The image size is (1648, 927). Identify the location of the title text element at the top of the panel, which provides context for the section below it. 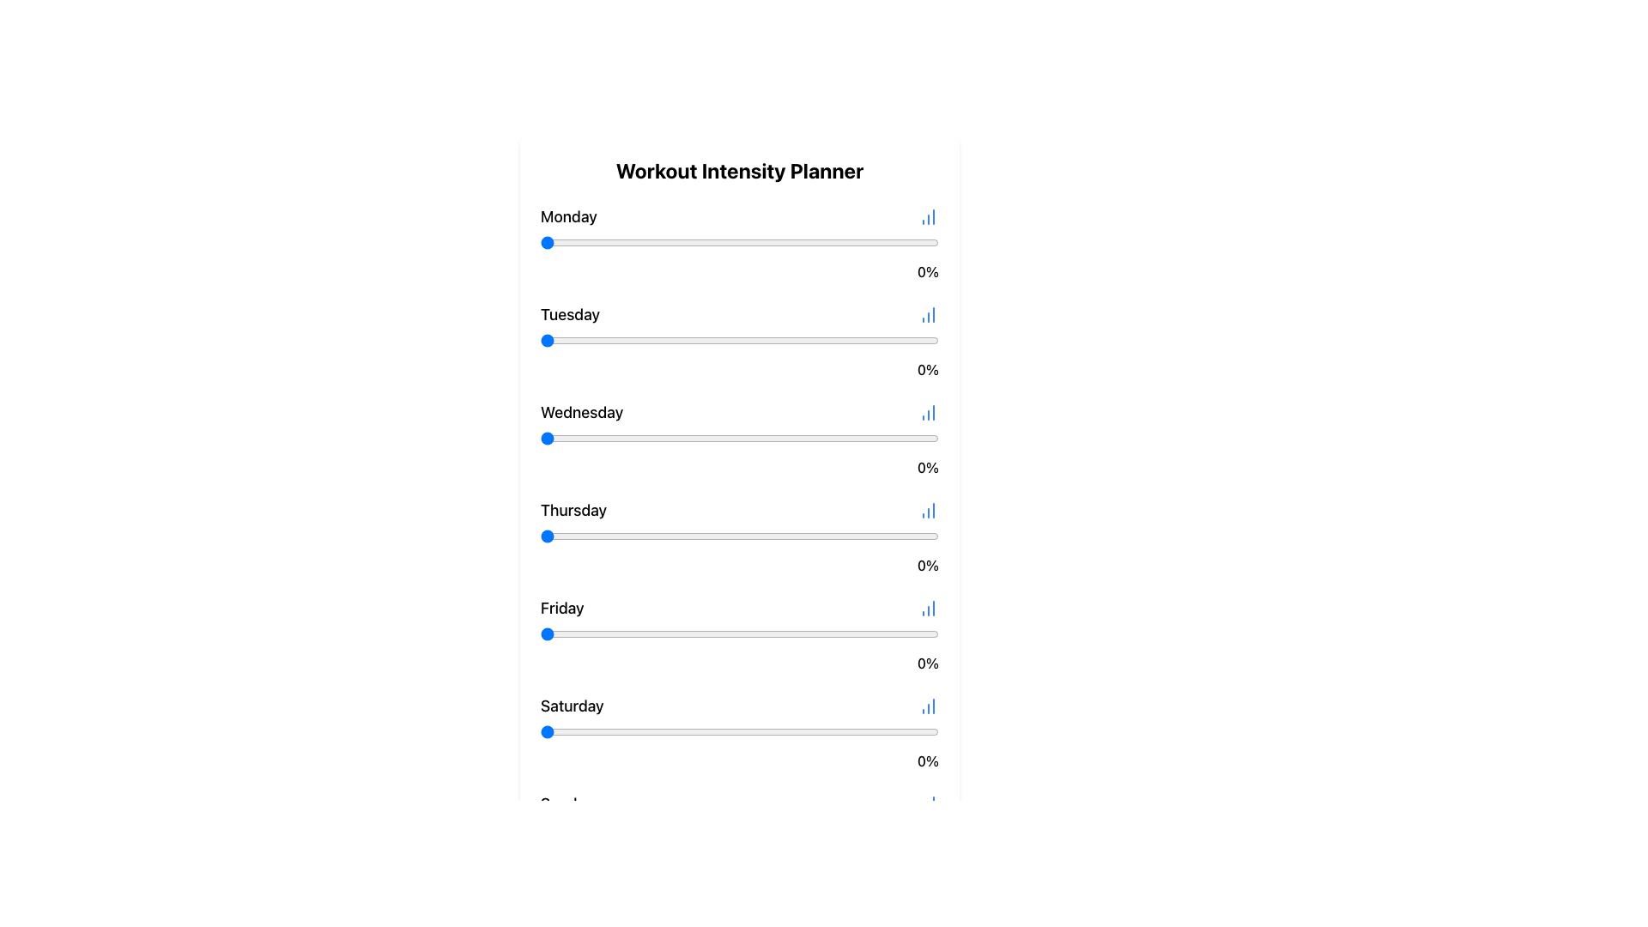
(740, 171).